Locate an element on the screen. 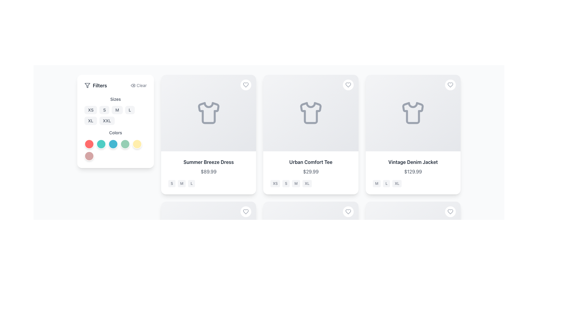 This screenshot has height=323, width=575. the 'favorite' button located in the top-right corner of the 'Urban Comfort Tee' product card to observe visual changes is located at coordinates (348, 85).